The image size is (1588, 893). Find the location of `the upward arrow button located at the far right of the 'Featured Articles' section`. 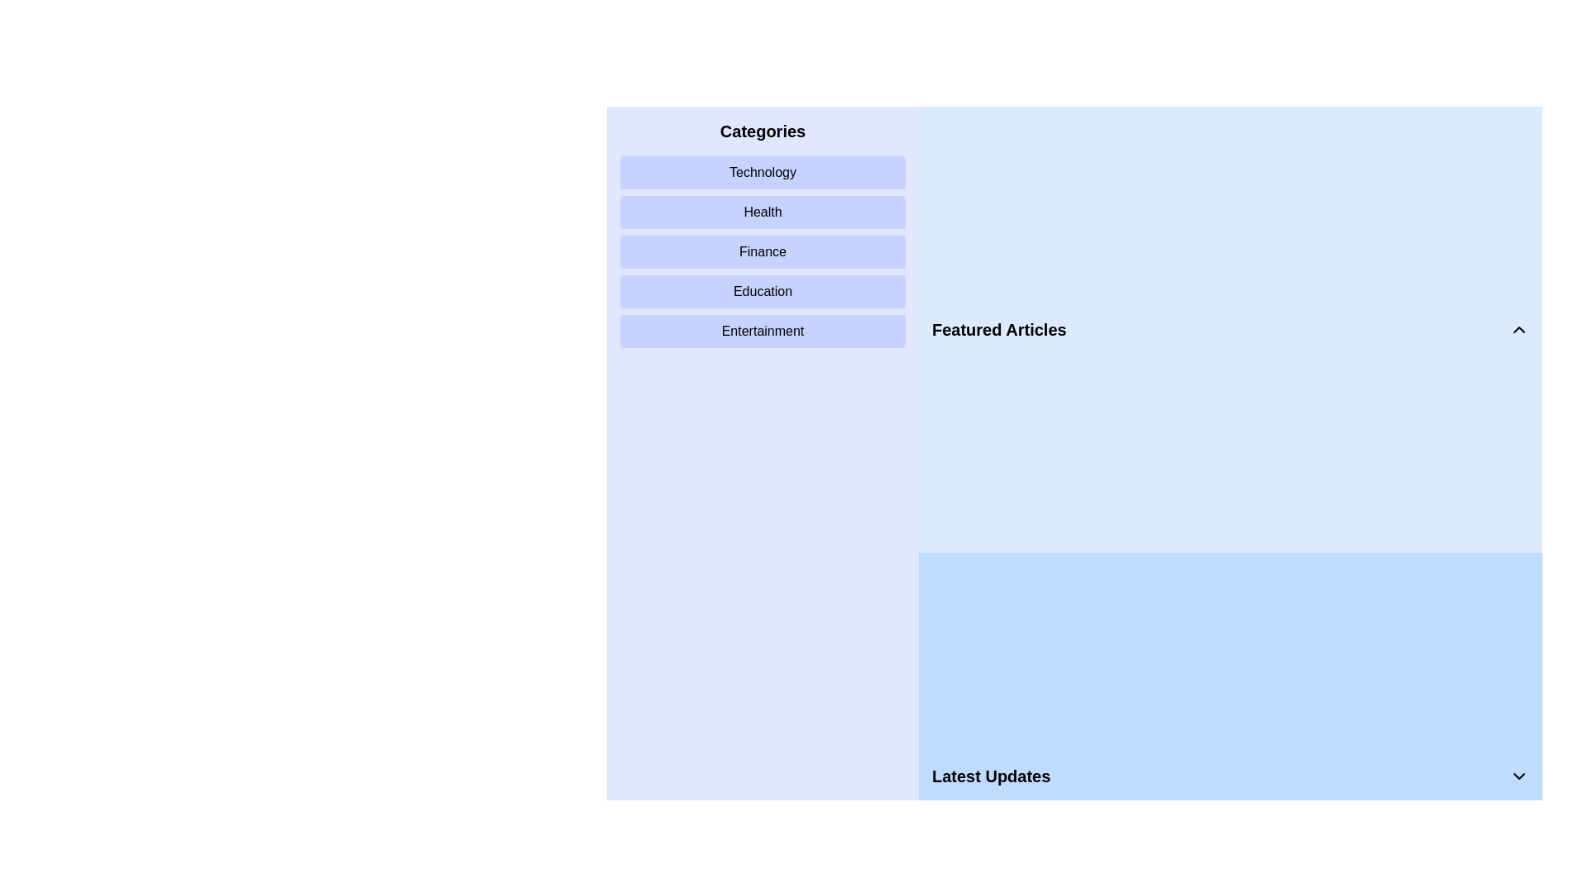

the upward arrow button located at the far right of the 'Featured Articles' section is located at coordinates (1519, 329).